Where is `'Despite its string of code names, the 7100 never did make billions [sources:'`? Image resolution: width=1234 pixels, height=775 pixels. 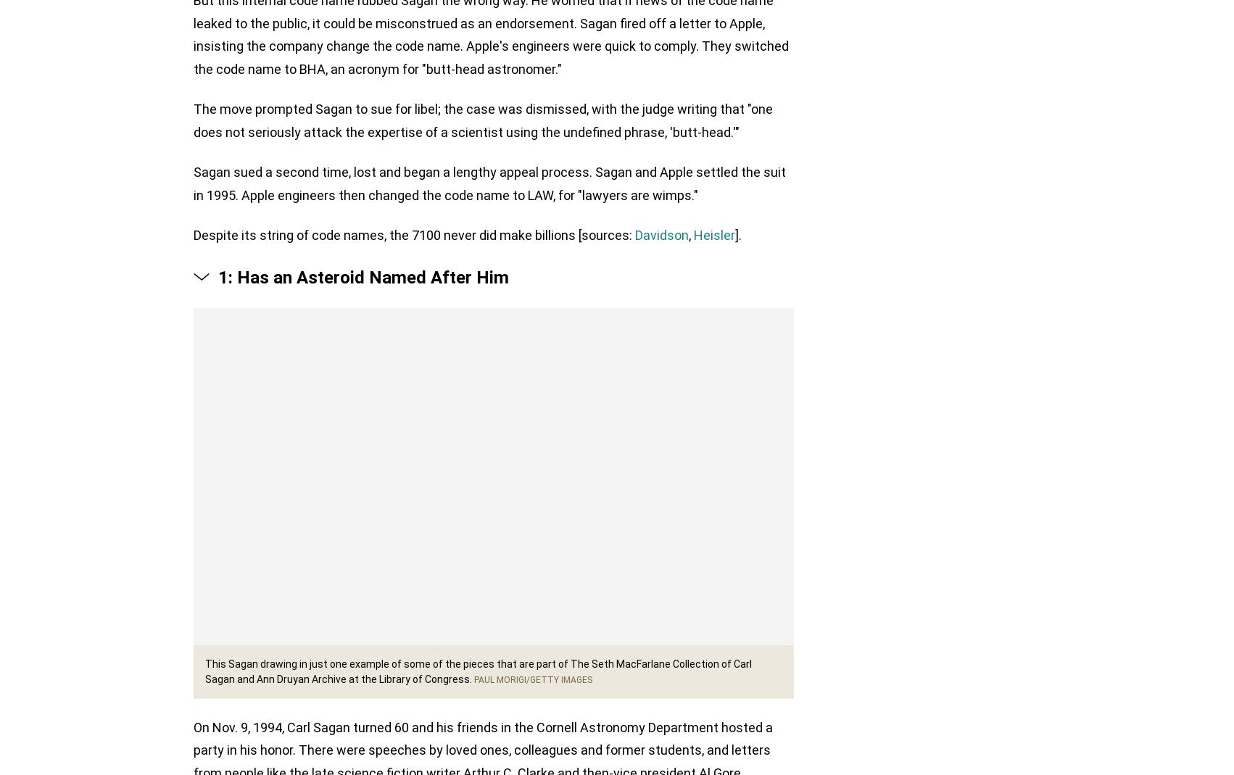 'Despite its string of code names, the 7100 never did make billions [sources:' is located at coordinates (414, 238).